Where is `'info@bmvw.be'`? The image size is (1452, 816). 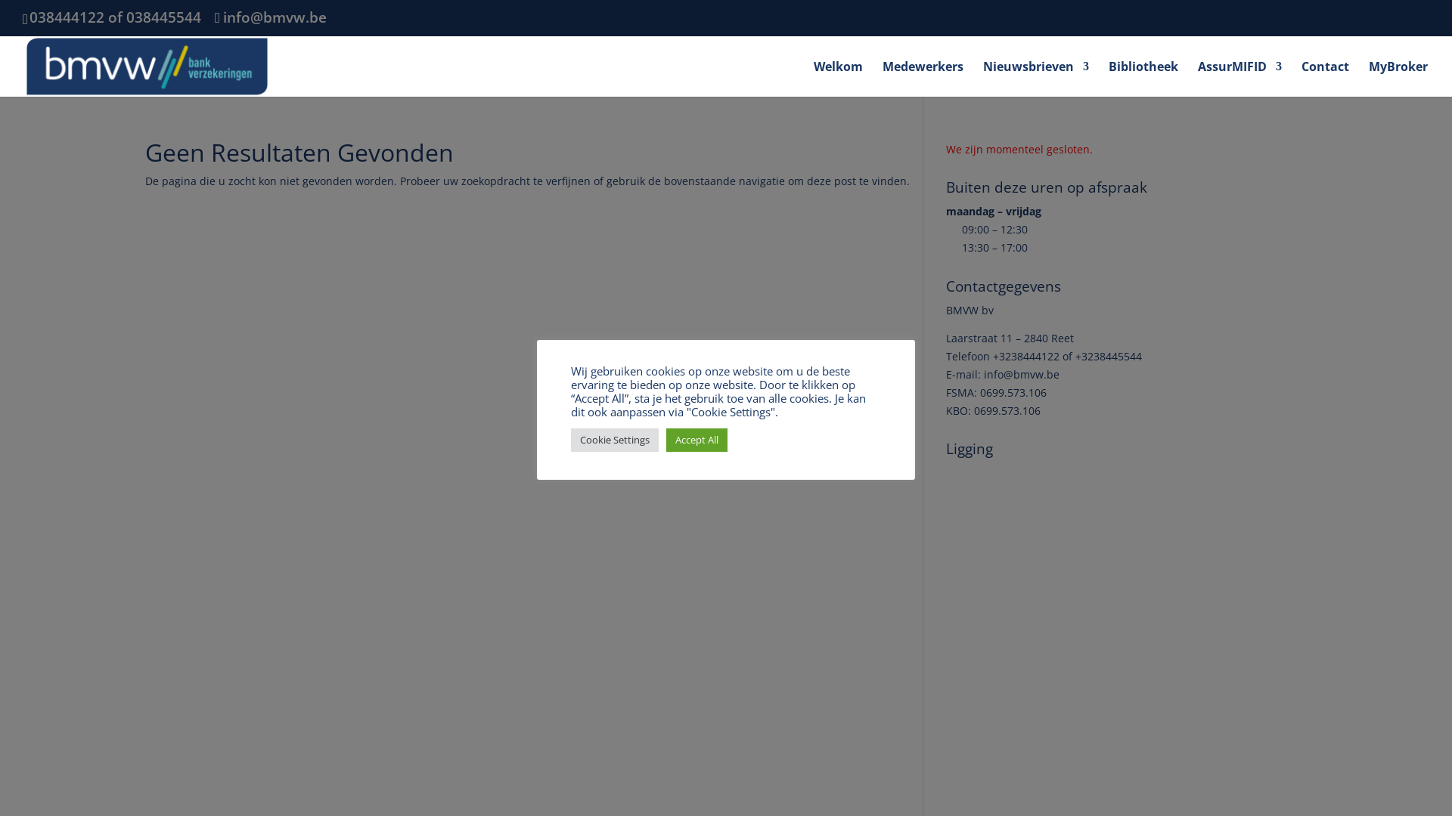 'info@bmvw.be' is located at coordinates (213, 17).